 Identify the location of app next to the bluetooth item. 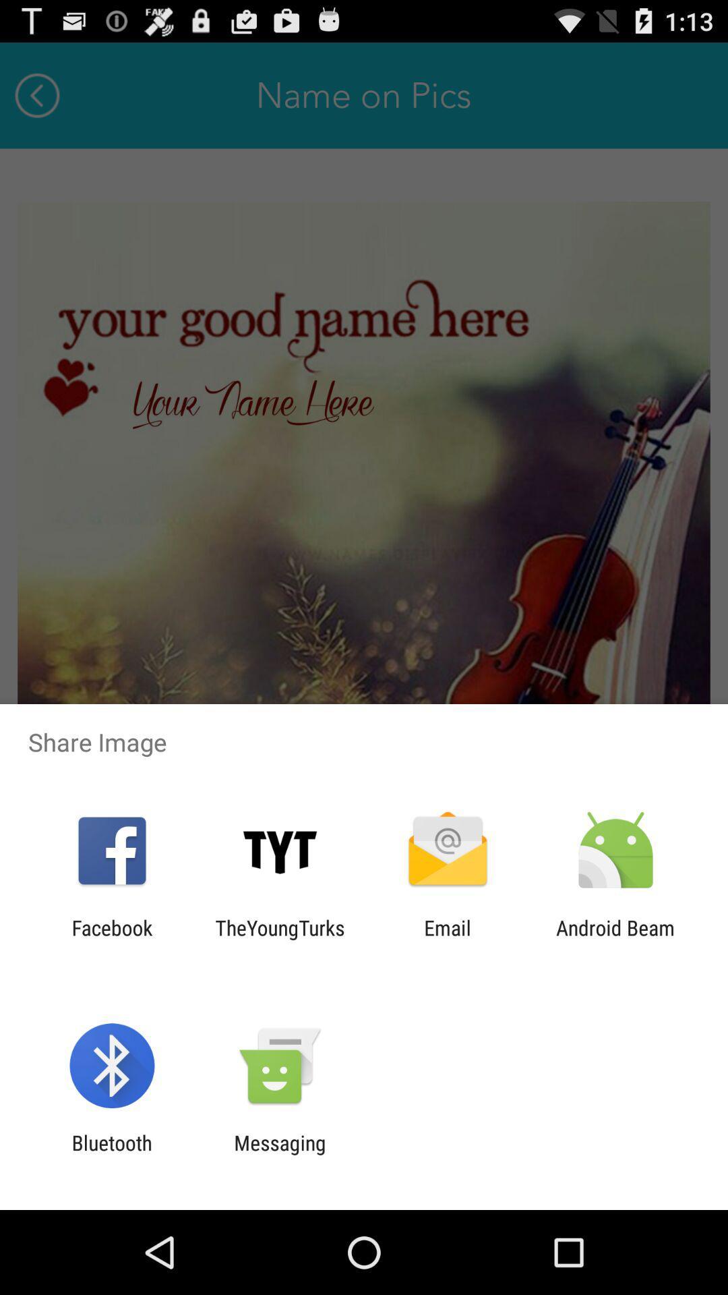
(279, 1154).